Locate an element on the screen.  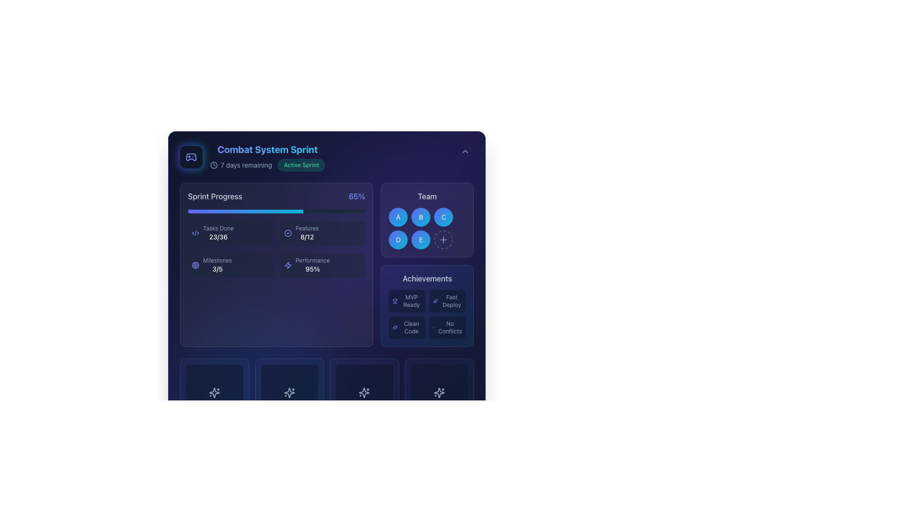
the achievement card located in the 'Team and Achievements' section is located at coordinates (427, 264).